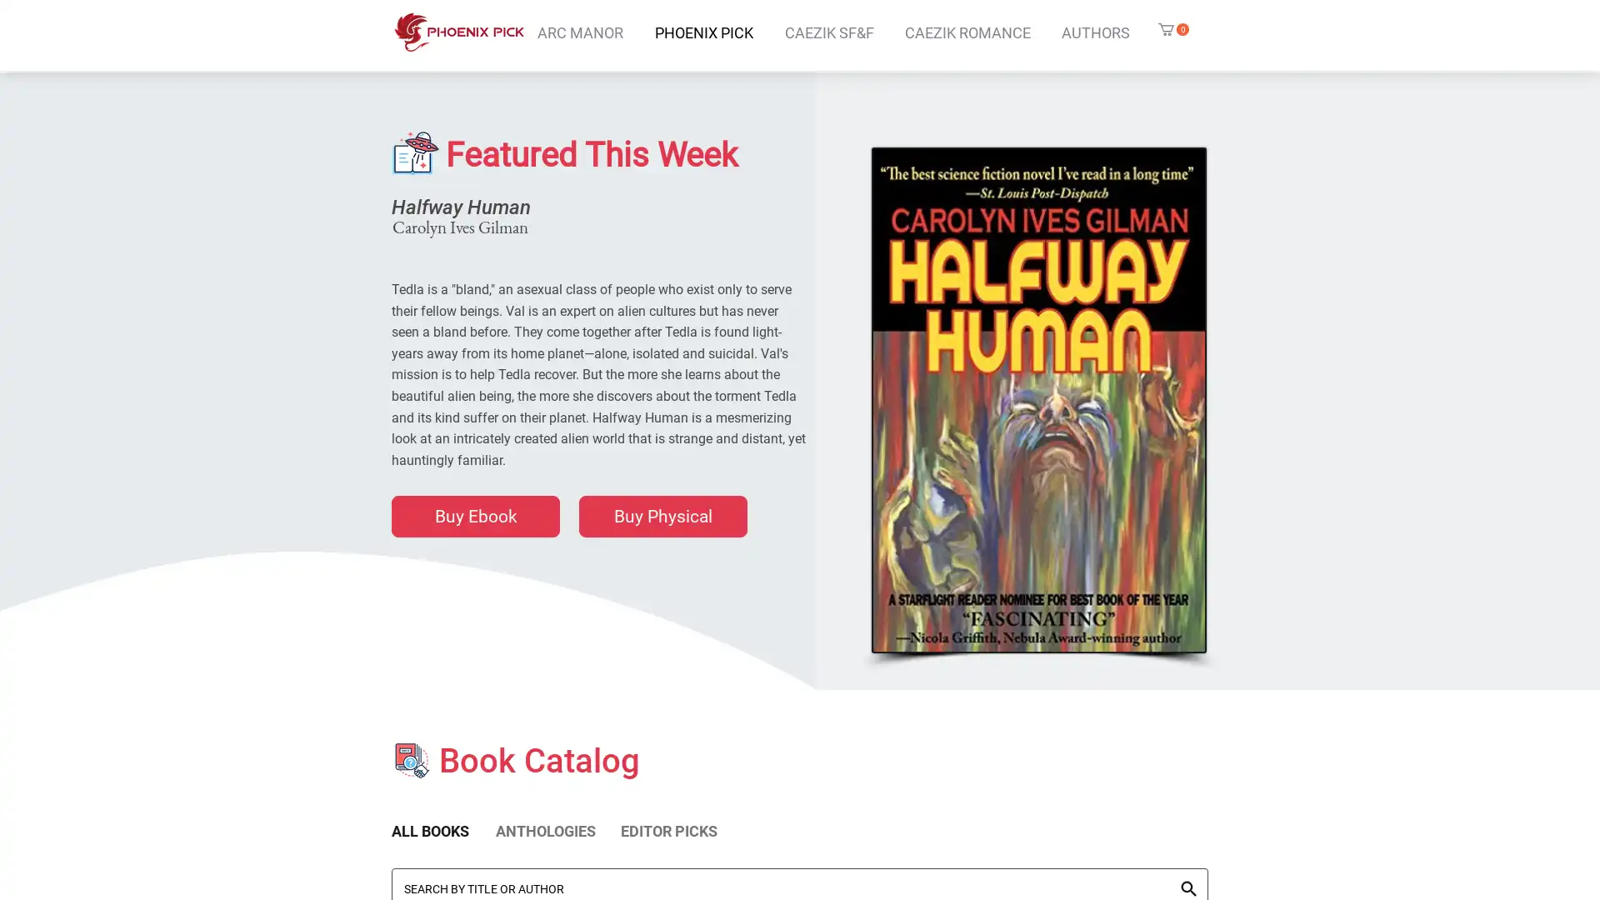 This screenshot has height=900, width=1600. Describe the element at coordinates (558, 832) in the screenshot. I see `ANTHOLOGIES` at that location.